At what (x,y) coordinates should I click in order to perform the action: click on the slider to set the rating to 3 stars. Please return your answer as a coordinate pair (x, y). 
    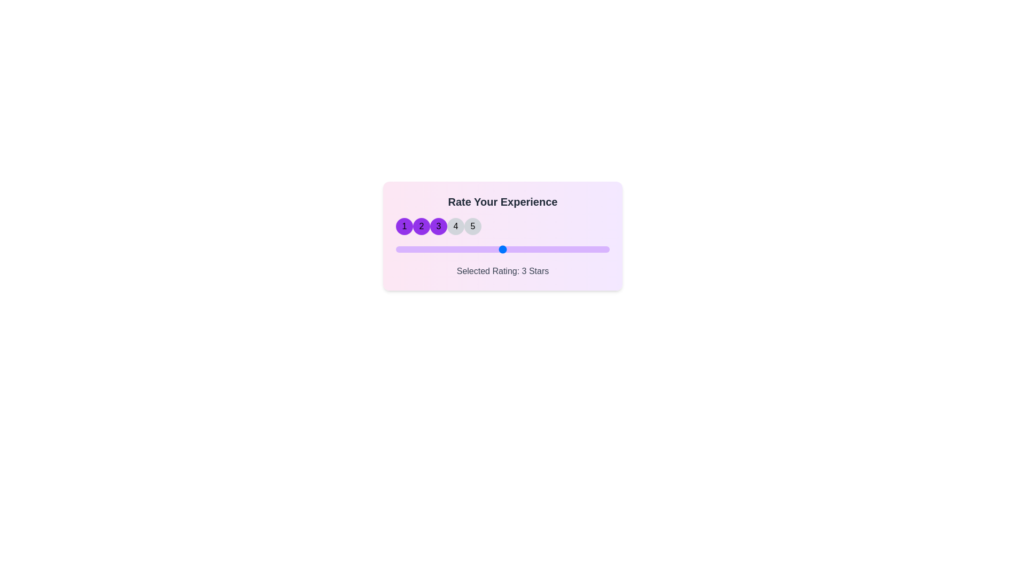
    Looking at the image, I should click on (502, 249).